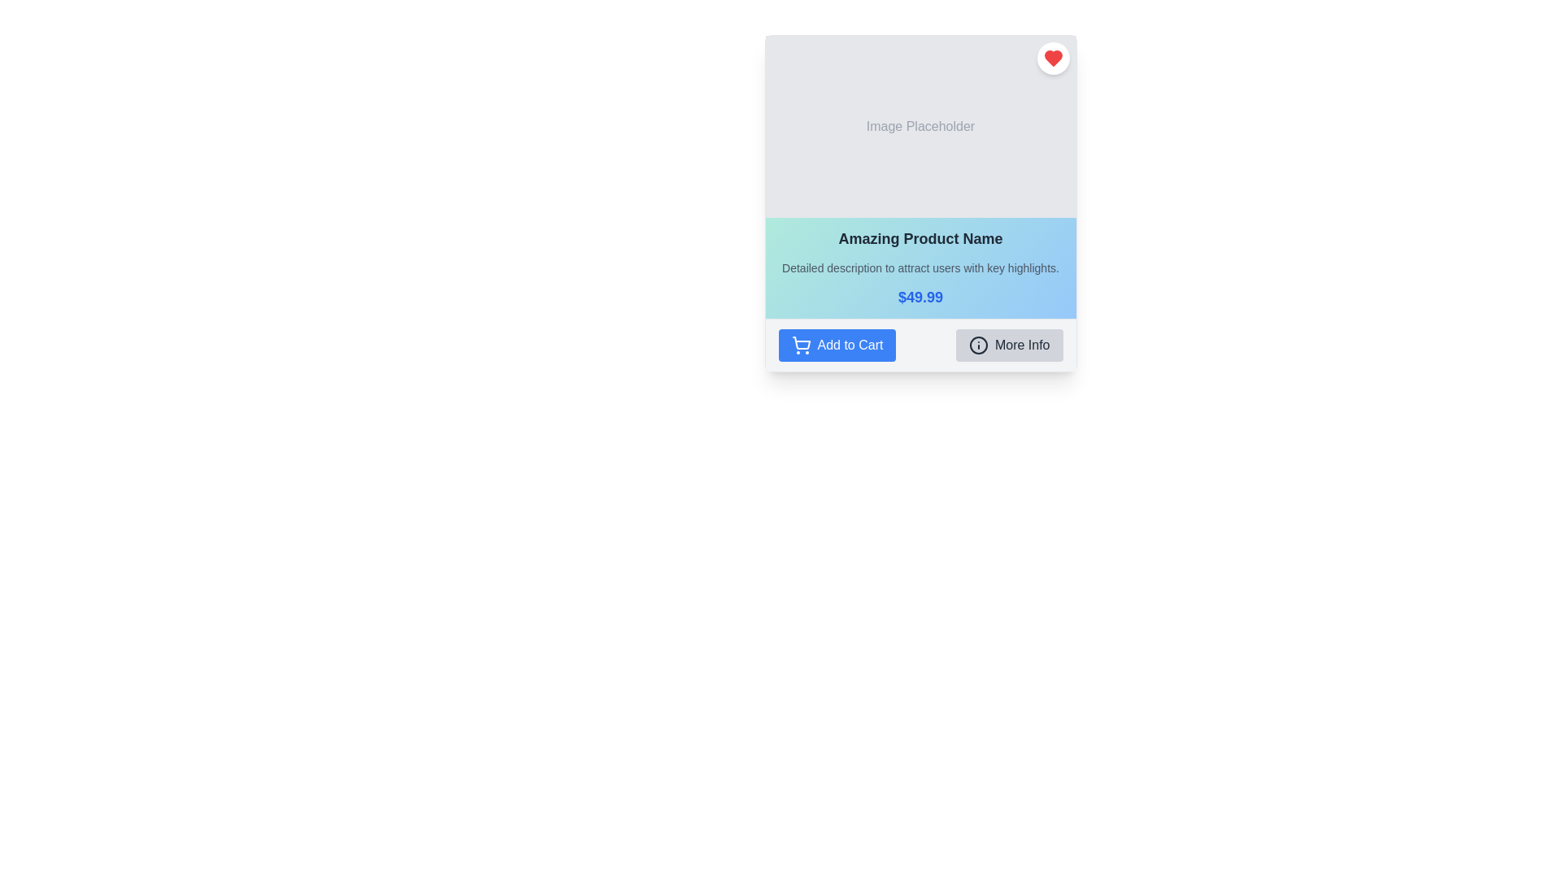 This screenshot has width=1561, height=878. Describe the element at coordinates (977, 344) in the screenshot. I see `the SVG circle element that contributes to the graphical aspect of the 'More Info' button located at the bottom-right corner of the component` at that location.